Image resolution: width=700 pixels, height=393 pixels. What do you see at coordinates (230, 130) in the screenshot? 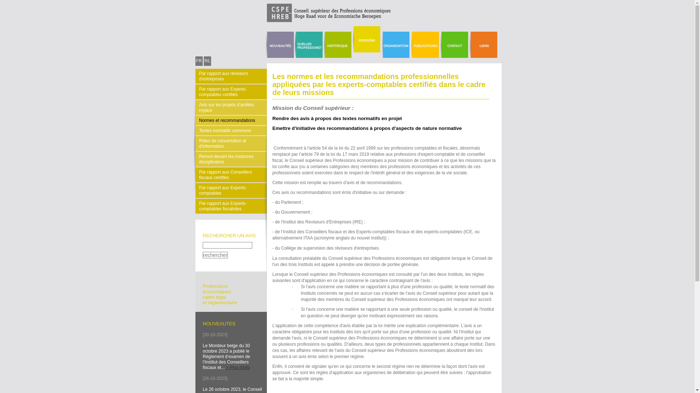
I see `'Textes normatifs communs'` at bounding box center [230, 130].